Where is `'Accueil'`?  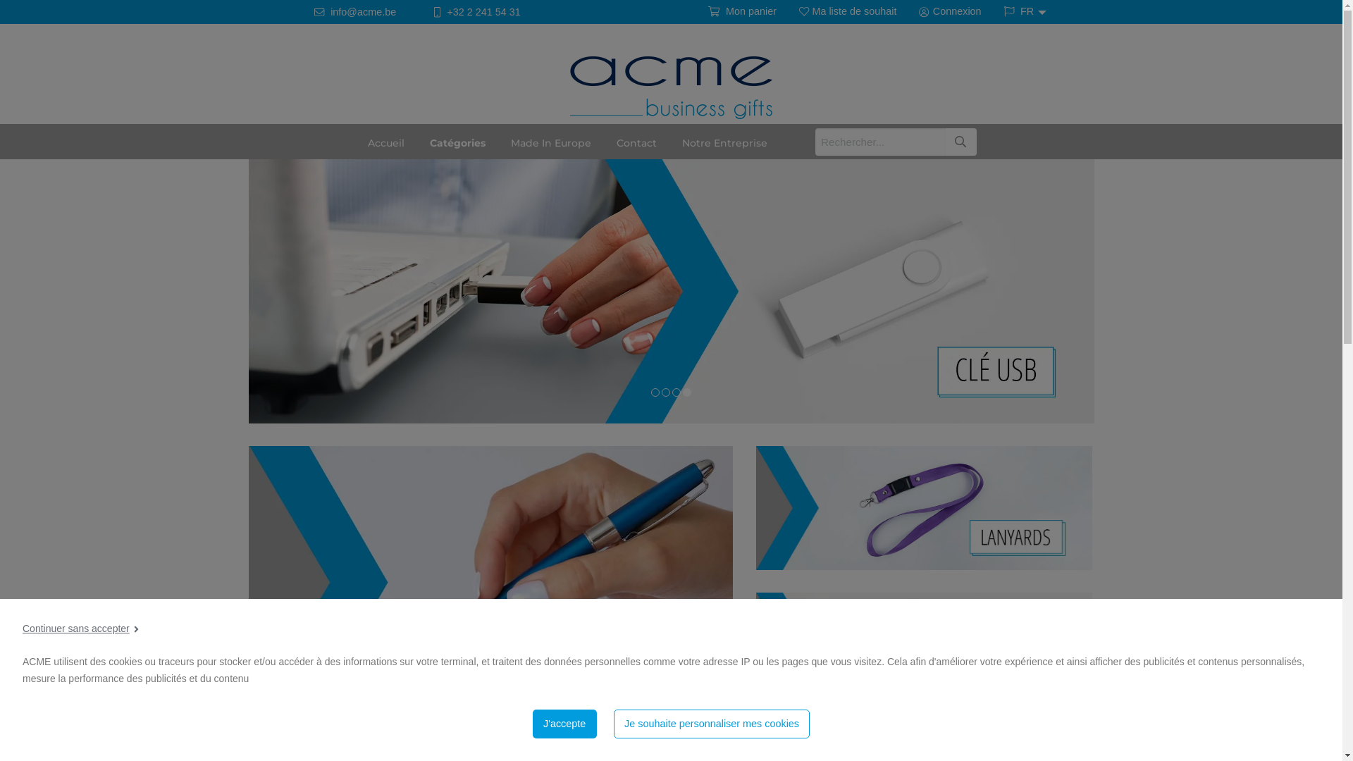 'Accueil' is located at coordinates (385, 141).